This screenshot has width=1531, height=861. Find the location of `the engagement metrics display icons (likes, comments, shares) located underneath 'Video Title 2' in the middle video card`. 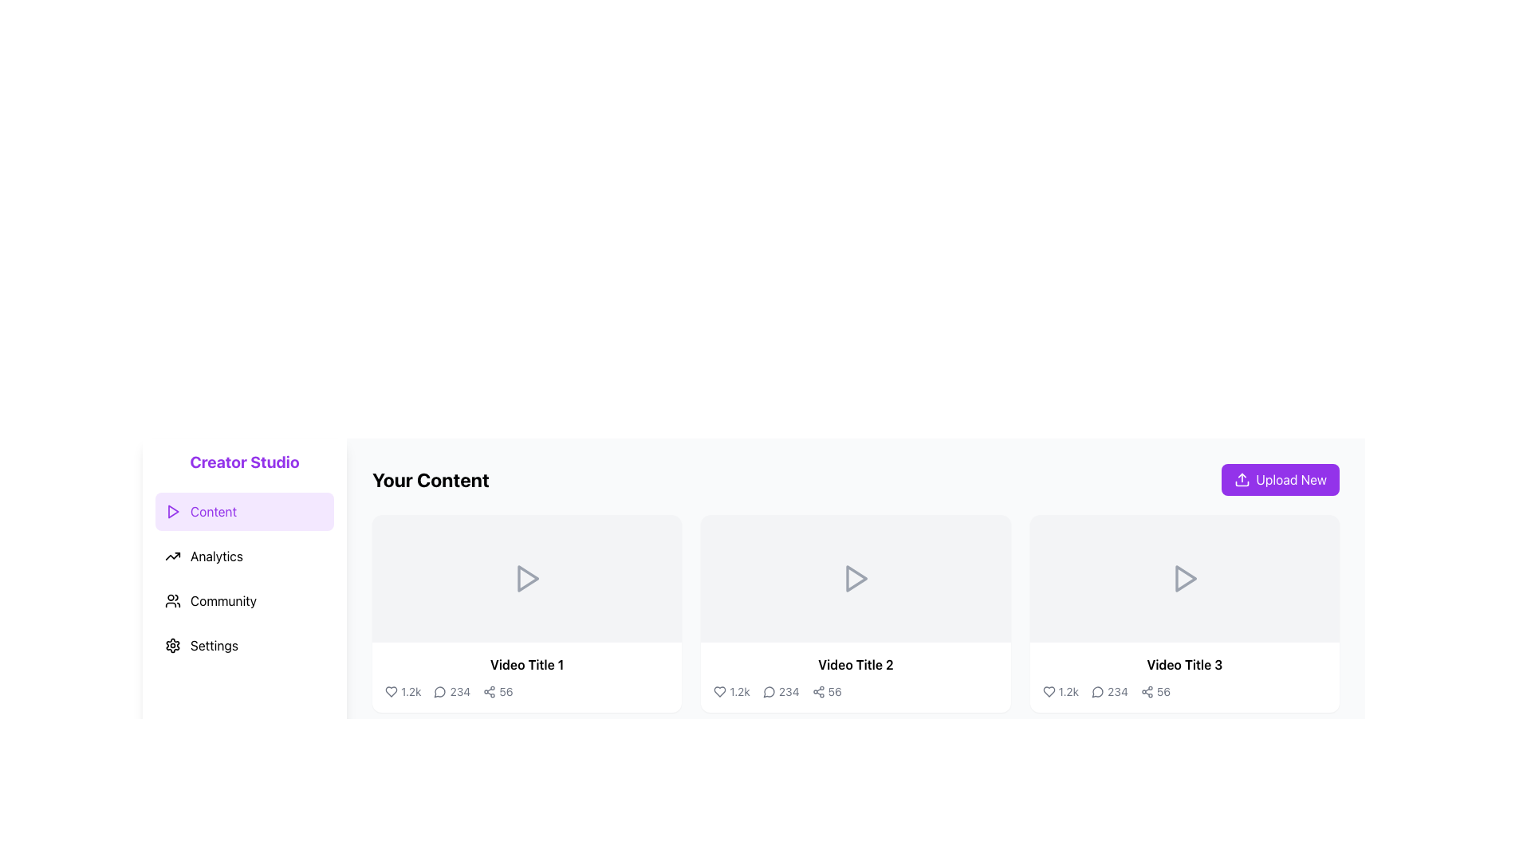

the engagement metrics display icons (likes, comments, shares) located underneath 'Video Title 2' in the middle video card is located at coordinates (855, 690).